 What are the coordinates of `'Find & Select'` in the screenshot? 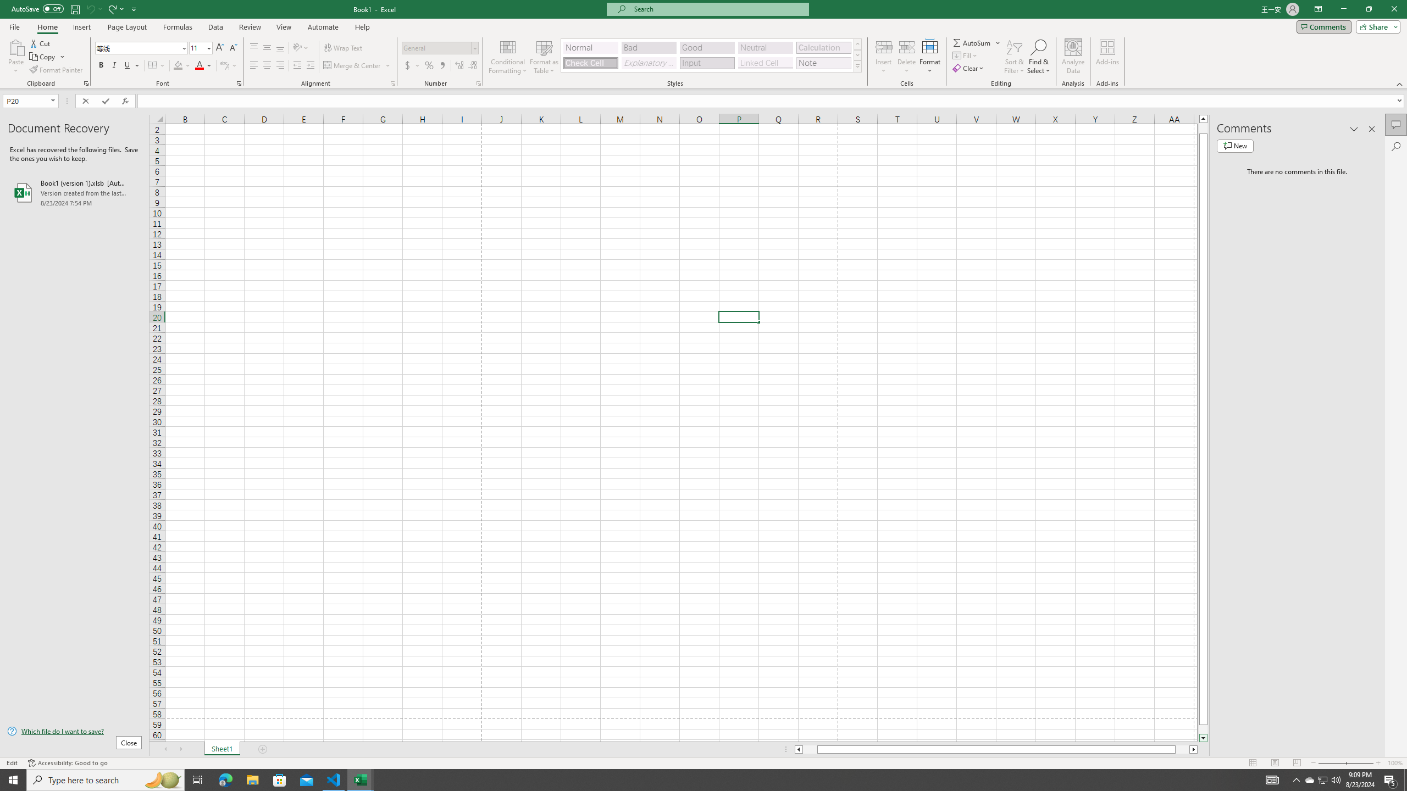 It's located at (1039, 57).